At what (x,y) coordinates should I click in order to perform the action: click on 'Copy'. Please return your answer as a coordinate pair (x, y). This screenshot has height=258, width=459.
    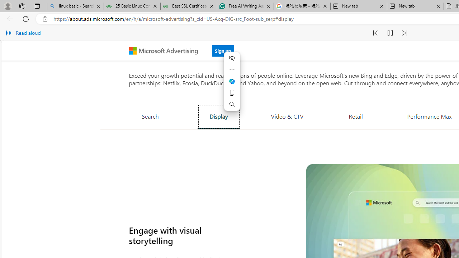
    Looking at the image, I should click on (232, 92).